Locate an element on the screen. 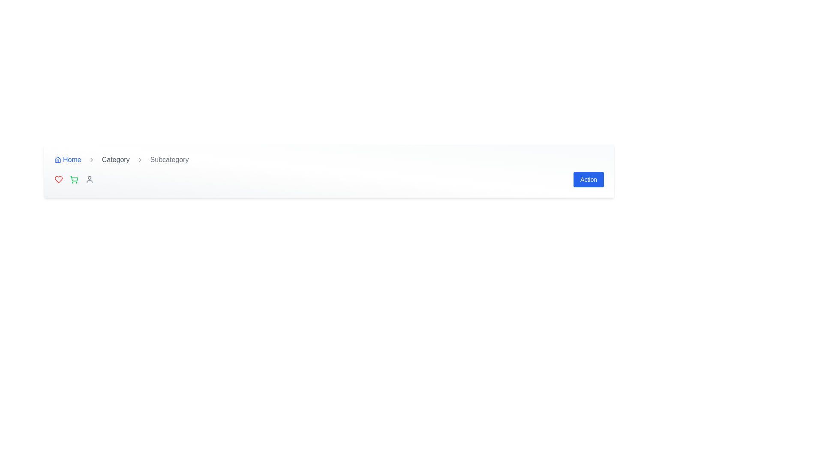 The height and width of the screenshot is (463, 823). the small house icon that is part of the clickable 'Home' text link in the breadcrumb navigation bar is located at coordinates (57, 160).